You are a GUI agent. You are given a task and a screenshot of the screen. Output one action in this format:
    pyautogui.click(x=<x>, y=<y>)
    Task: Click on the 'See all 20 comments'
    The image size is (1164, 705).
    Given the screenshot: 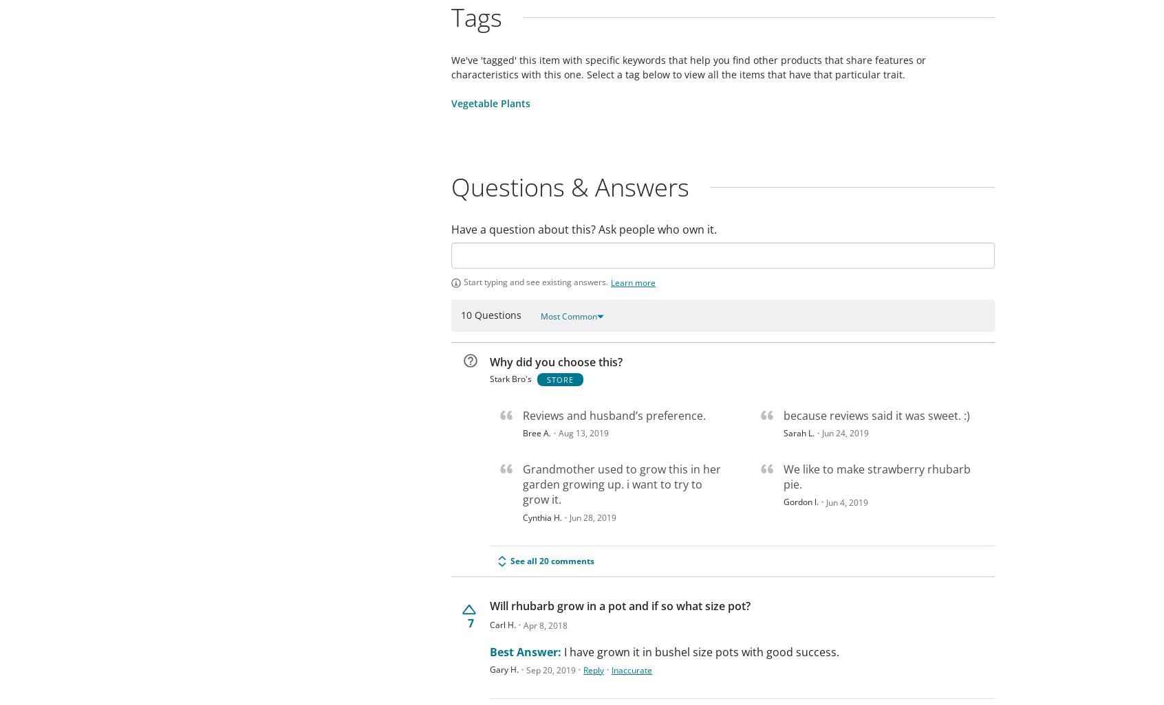 What is the action you would take?
    pyautogui.click(x=552, y=560)
    